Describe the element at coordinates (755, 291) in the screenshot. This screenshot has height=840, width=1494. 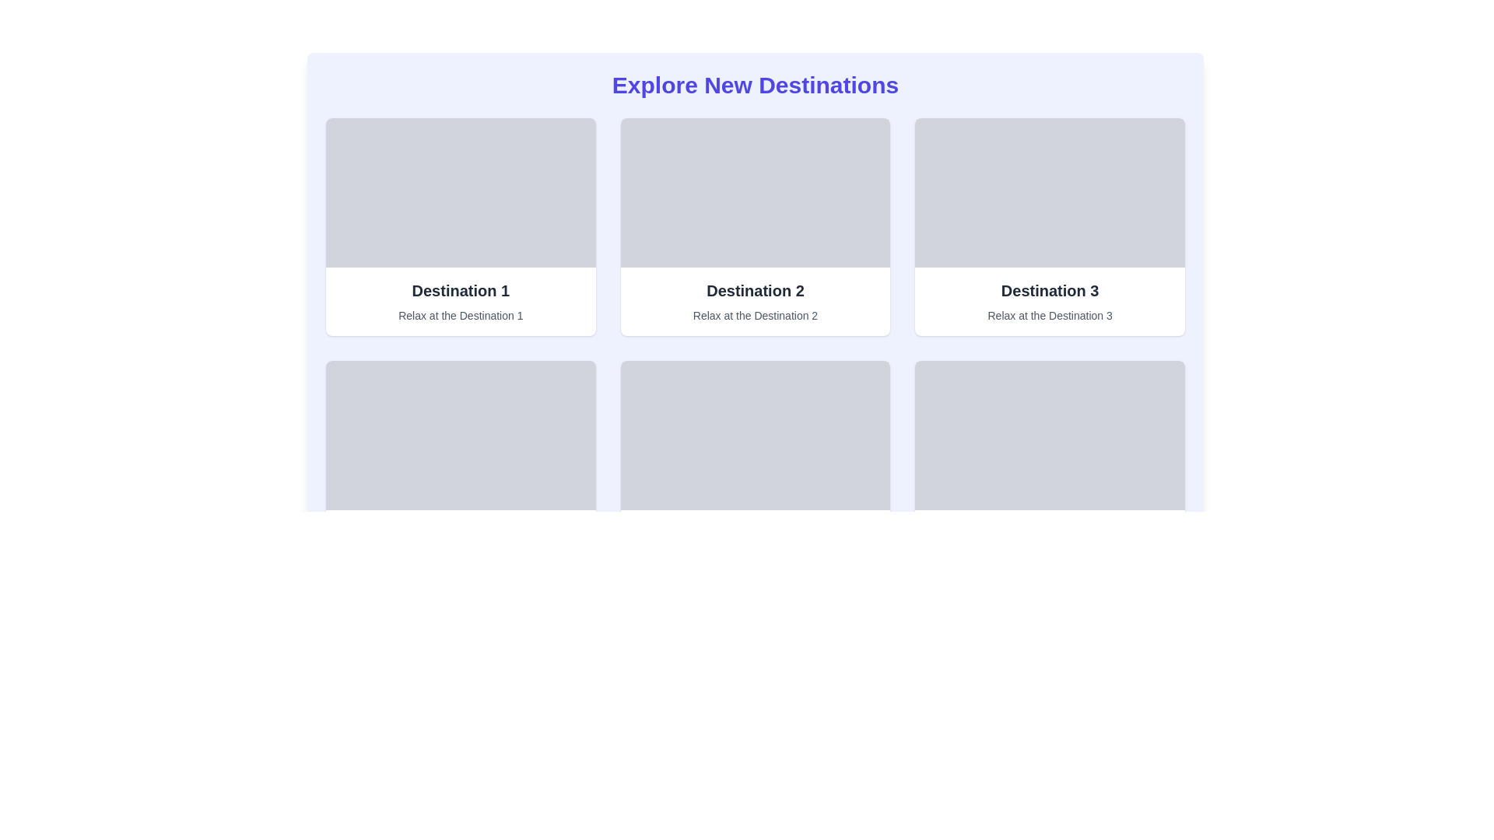
I see `the header/title element of the second card in the grid layout, which labels the destination represented by the card` at that location.